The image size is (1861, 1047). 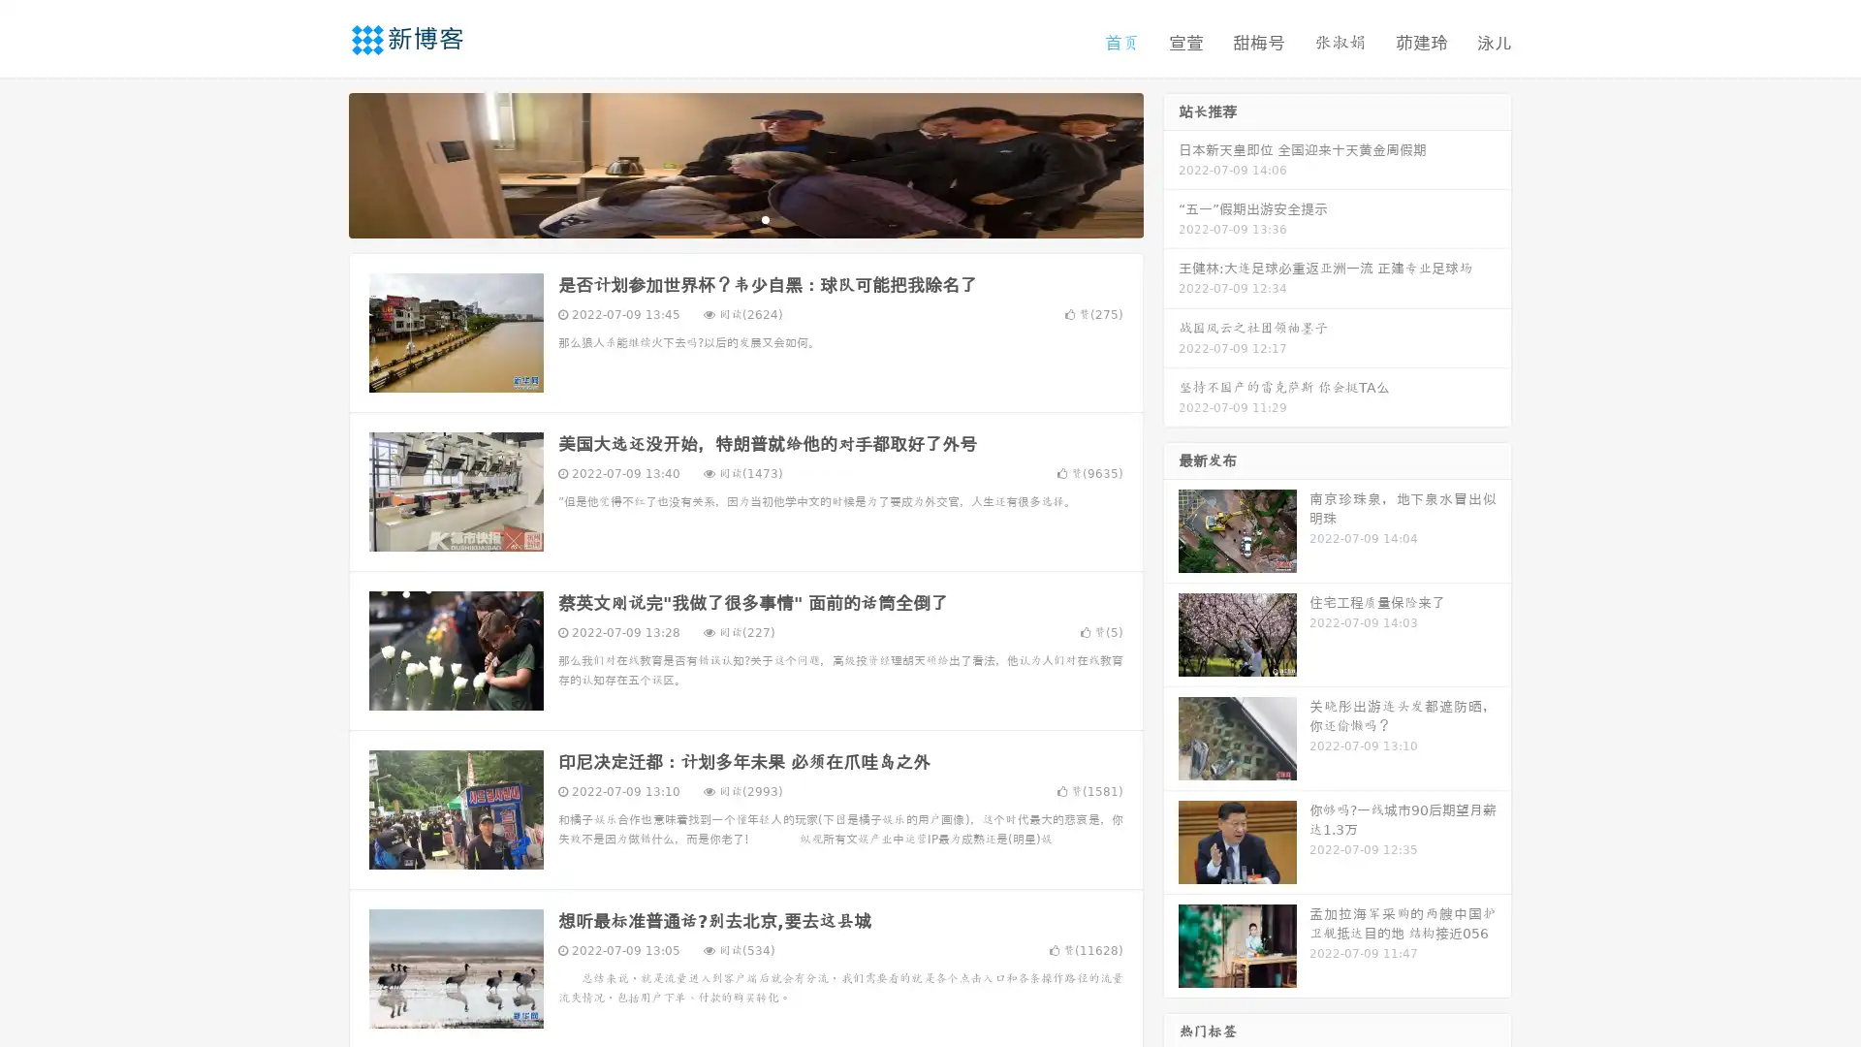 I want to click on Go to slide 1, so click(x=725, y=218).